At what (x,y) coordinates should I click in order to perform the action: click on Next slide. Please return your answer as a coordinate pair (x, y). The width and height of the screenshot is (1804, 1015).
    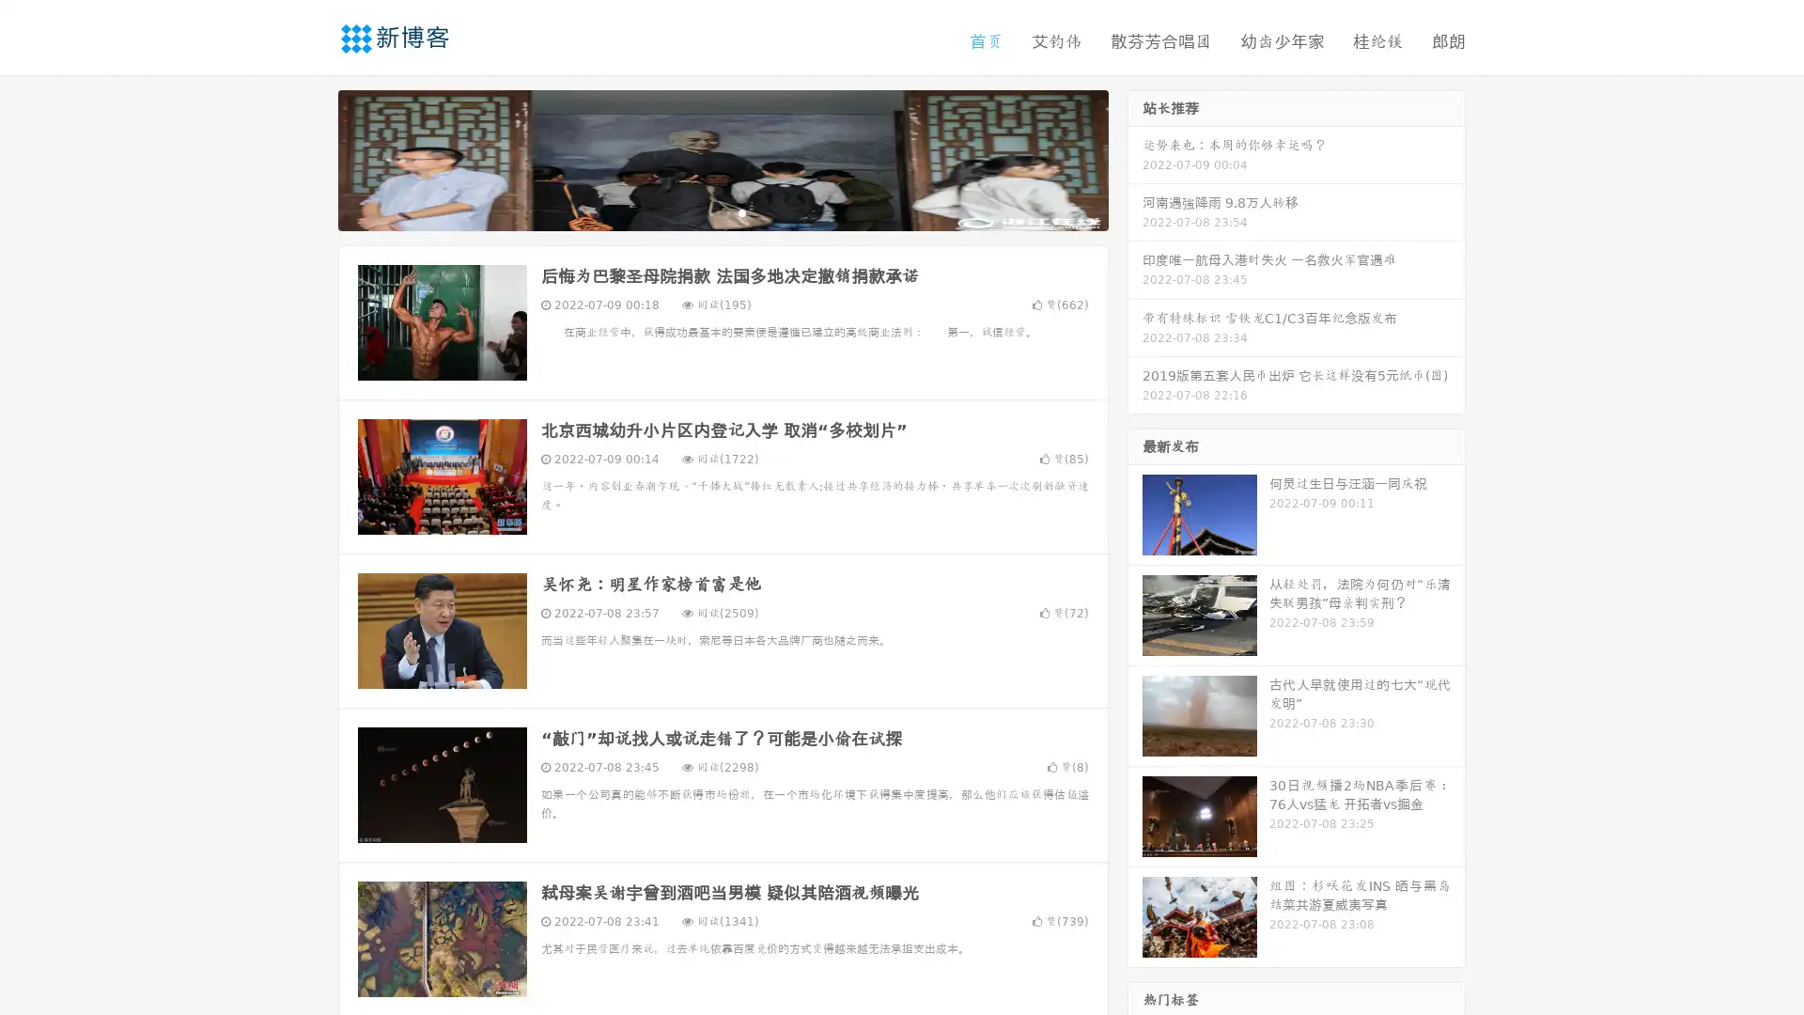
    Looking at the image, I should click on (1135, 158).